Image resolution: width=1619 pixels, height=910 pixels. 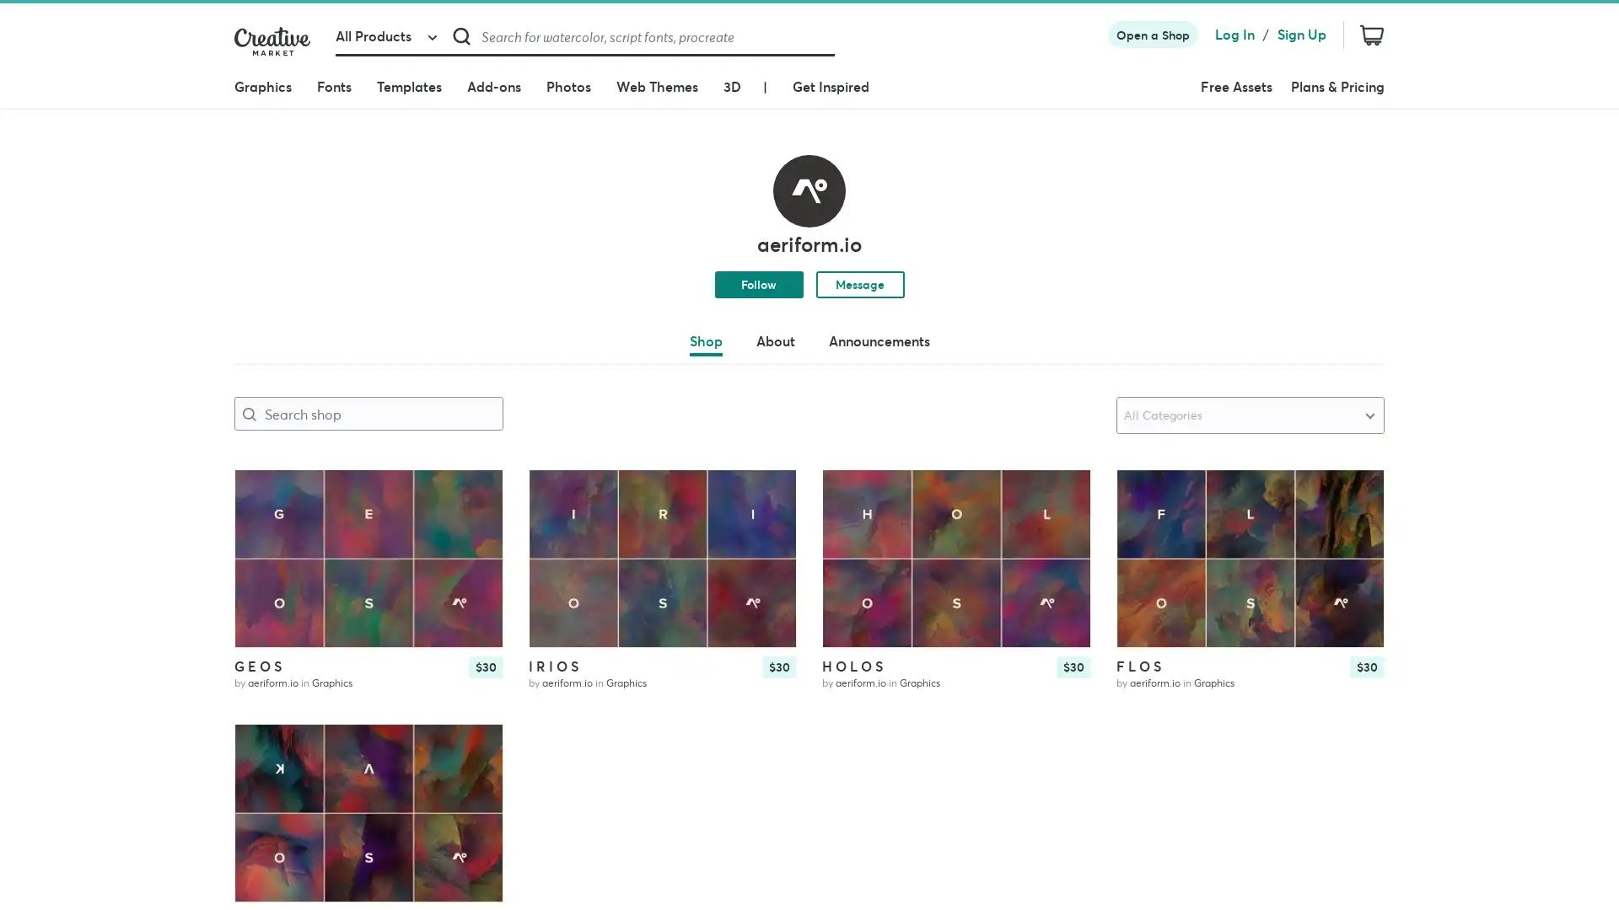 I want to click on Pin to Pinterest, so click(x=261, y=750).